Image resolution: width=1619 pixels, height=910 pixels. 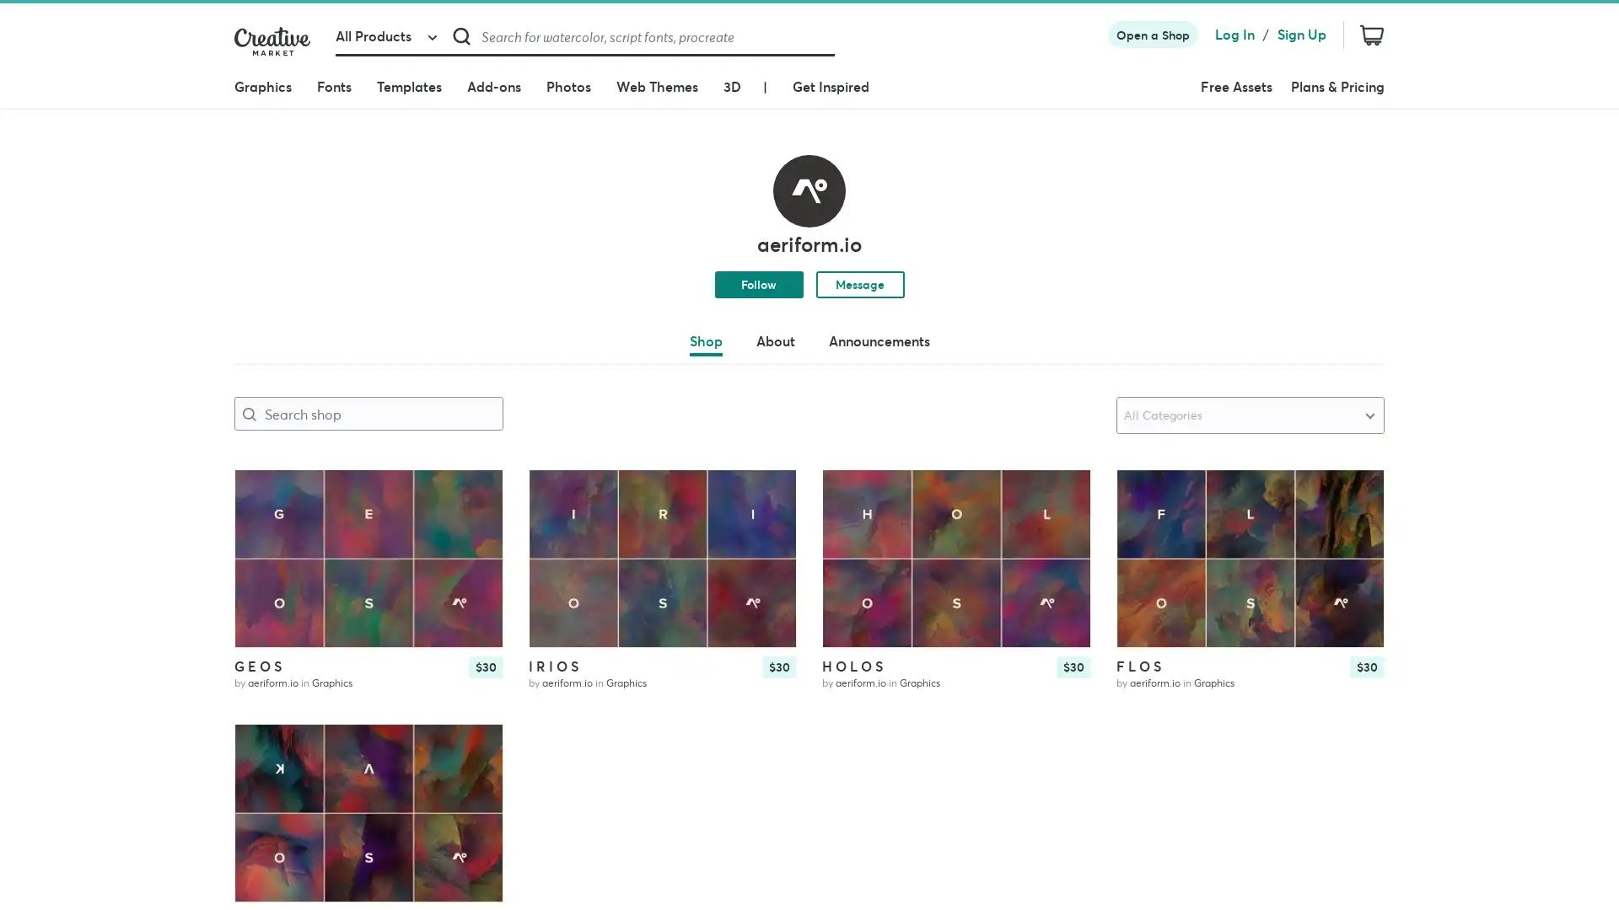 I want to click on Pin to Pinterest, so click(x=261, y=750).